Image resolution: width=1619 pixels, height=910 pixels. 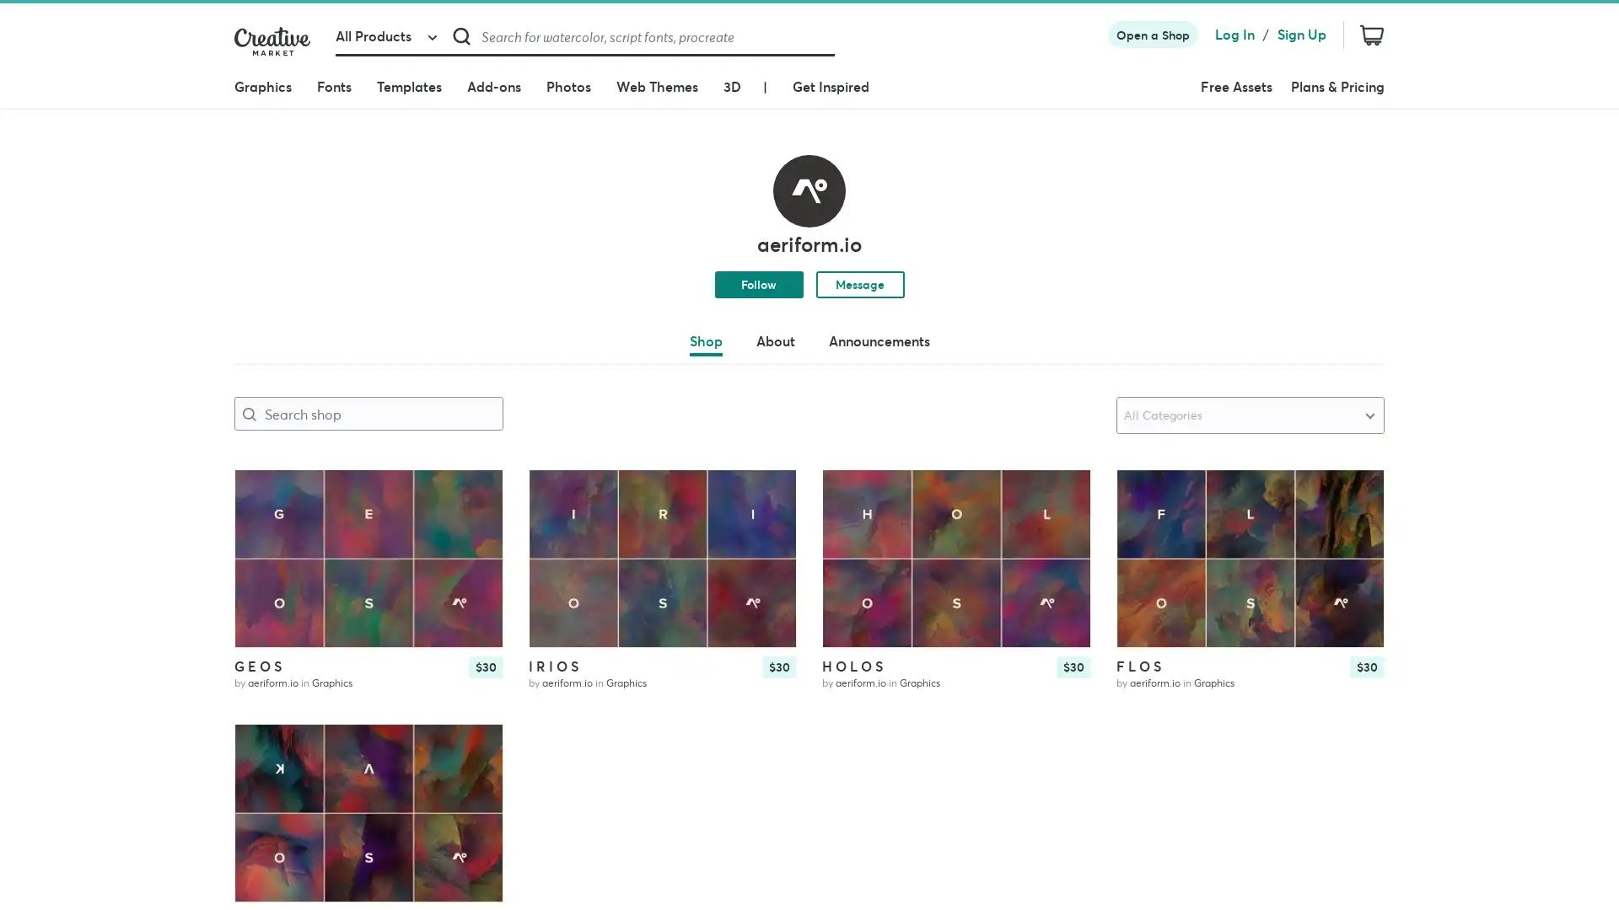 I want to click on Pin to Pinterest, so click(x=261, y=750).